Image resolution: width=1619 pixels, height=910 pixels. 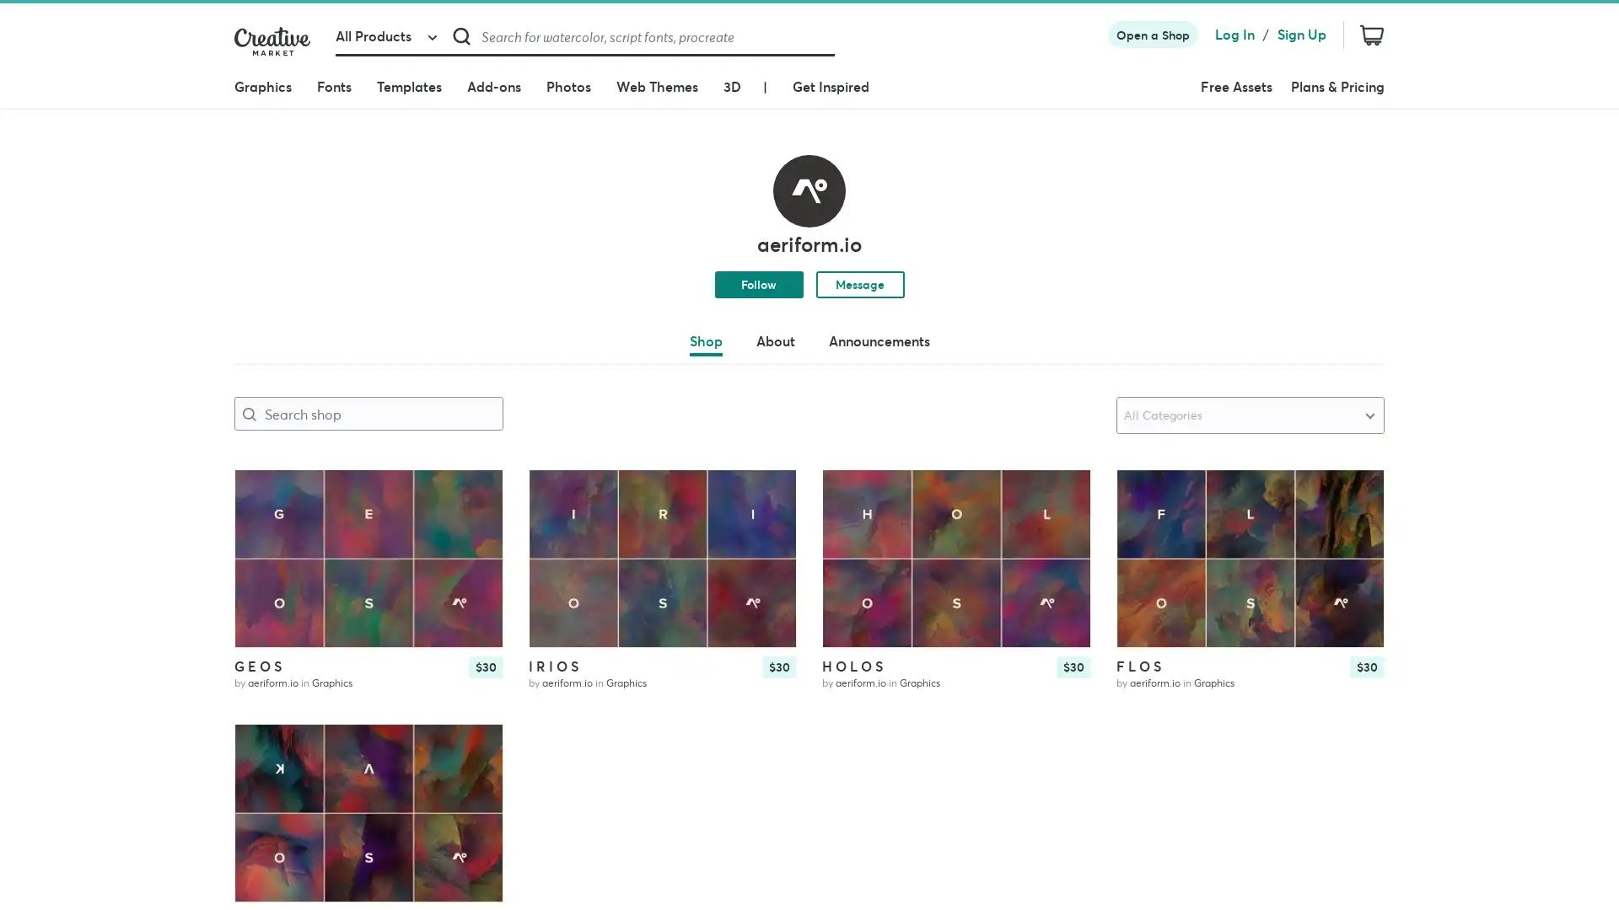 I want to click on Pin to Pinterest, so click(x=261, y=750).